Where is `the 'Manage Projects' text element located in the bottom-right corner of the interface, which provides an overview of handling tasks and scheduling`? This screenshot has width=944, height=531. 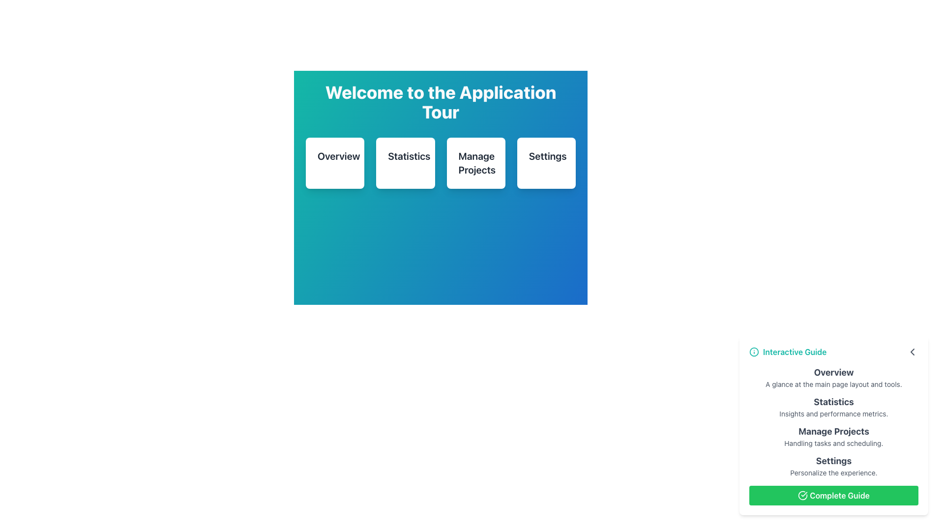 the 'Manage Projects' text element located in the bottom-right corner of the interface, which provides an overview of handling tasks and scheduling is located at coordinates (833, 421).